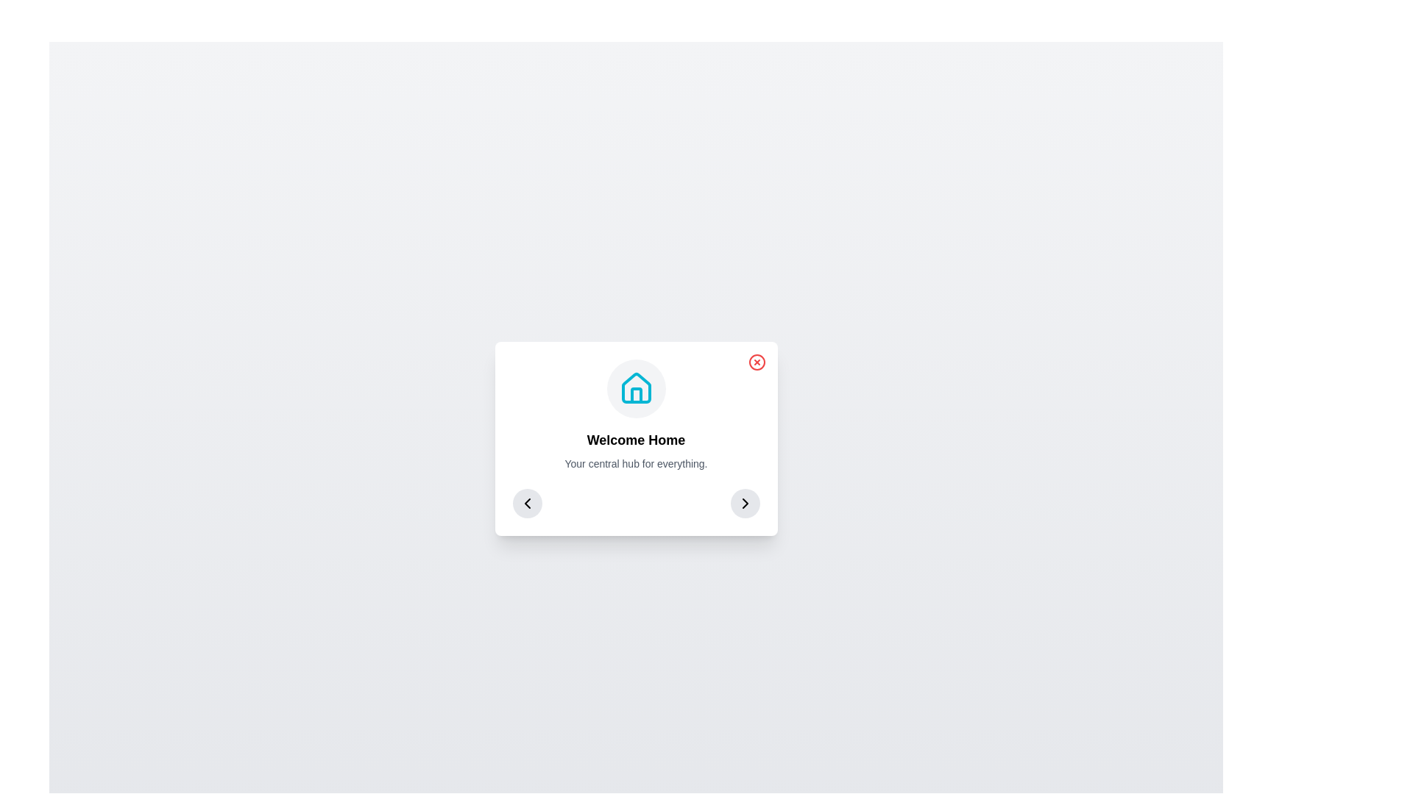 The height and width of the screenshot is (794, 1413). I want to click on the close button located at the upper-right corner of the card, so click(757, 362).